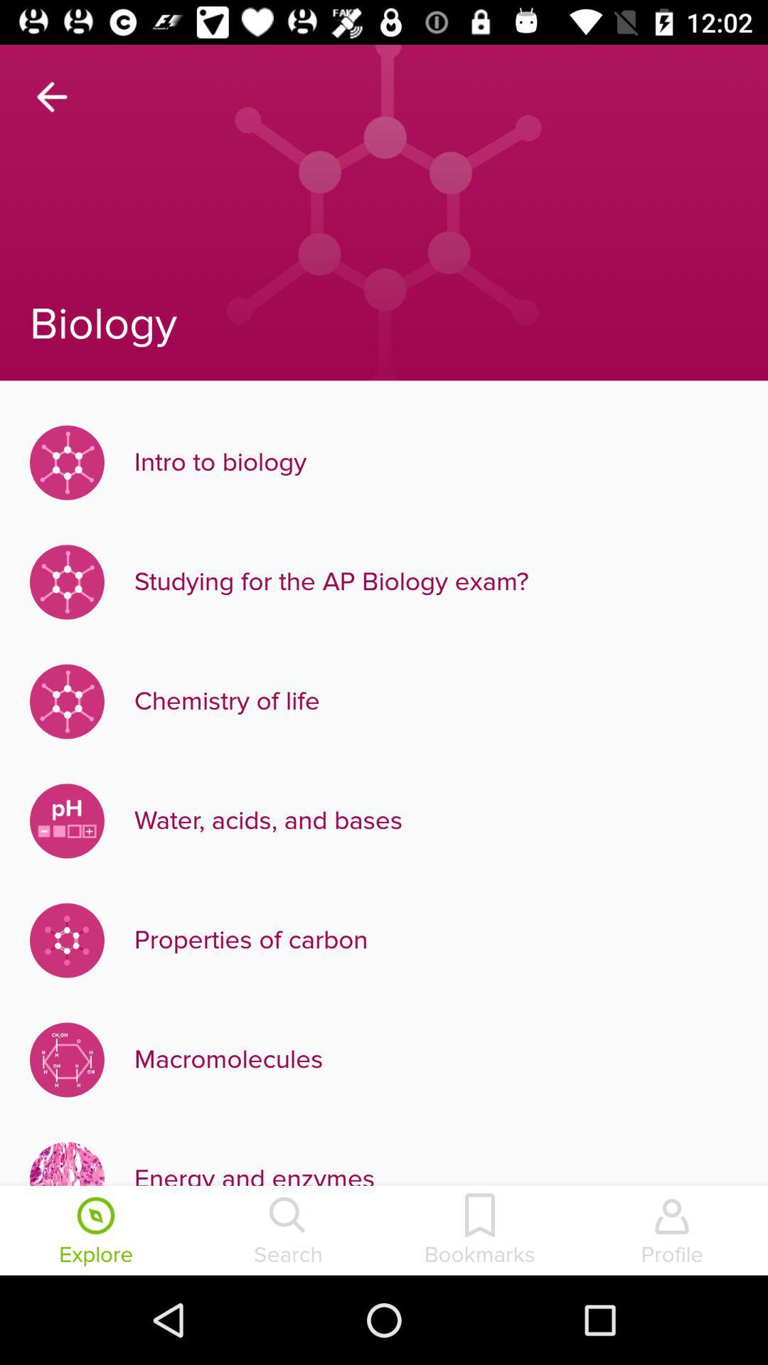 The height and width of the screenshot is (1365, 768). Describe the element at coordinates (96, 1231) in the screenshot. I see `the item to the left of search icon` at that location.